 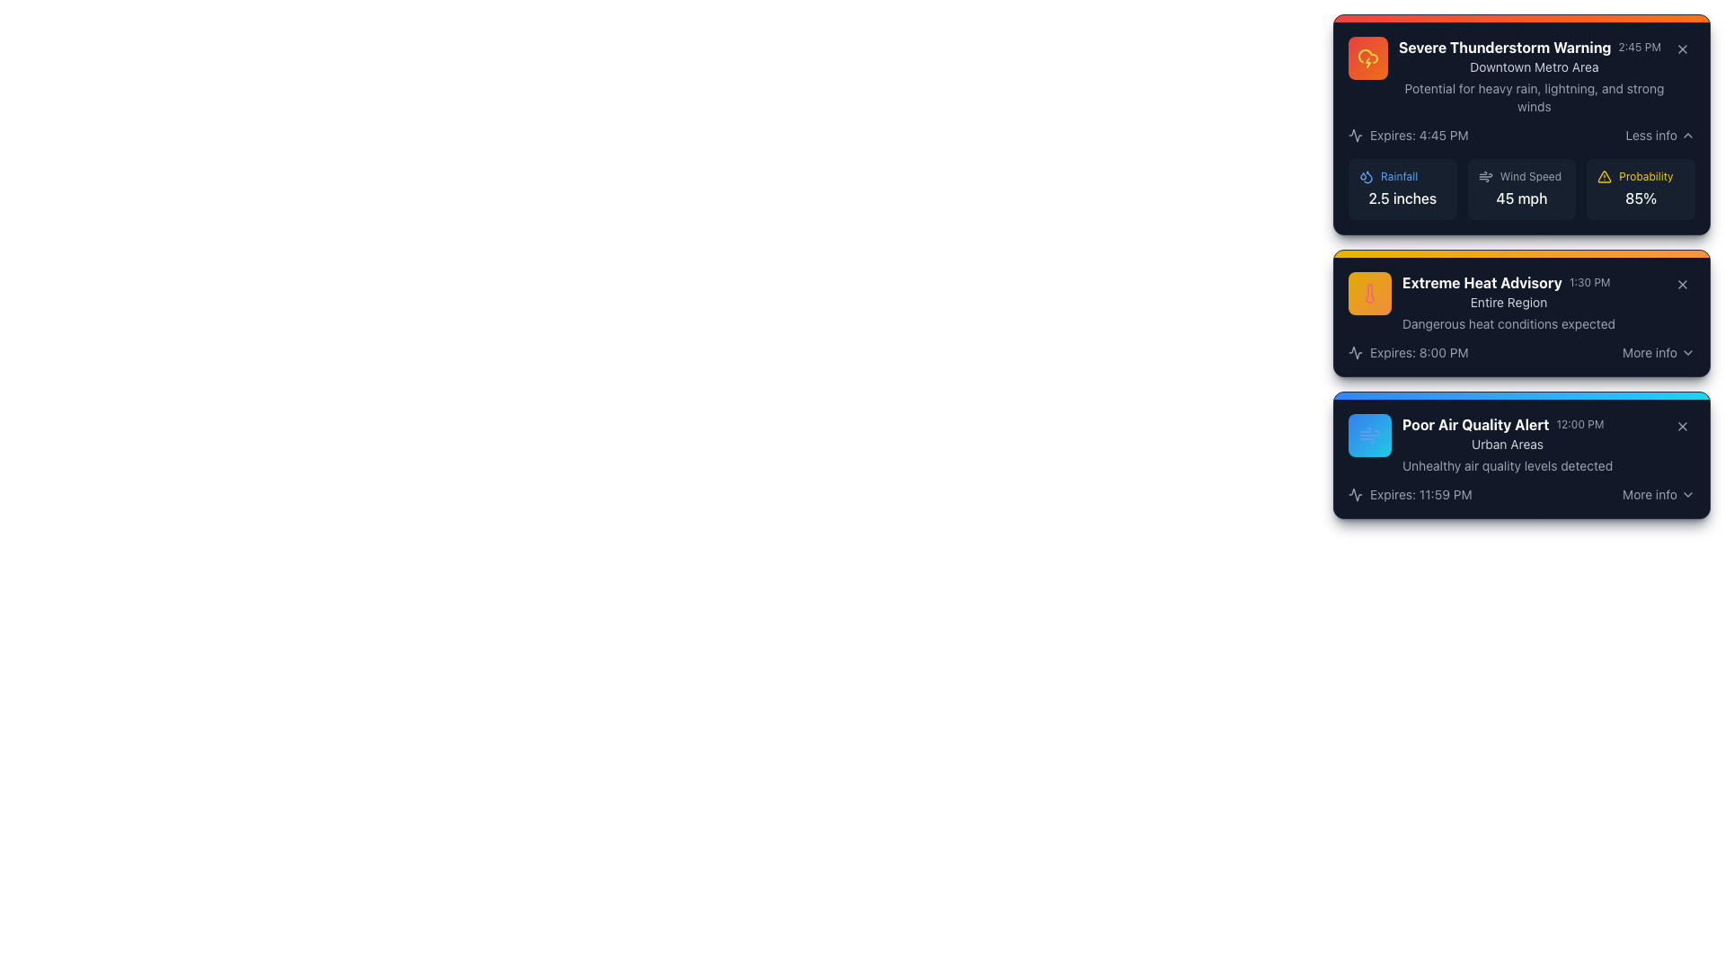 What do you see at coordinates (1681, 48) in the screenshot?
I see `the close button icon in the top-right corner of the 'Severe Thunderstorm Warning' card` at bounding box center [1681, 48].